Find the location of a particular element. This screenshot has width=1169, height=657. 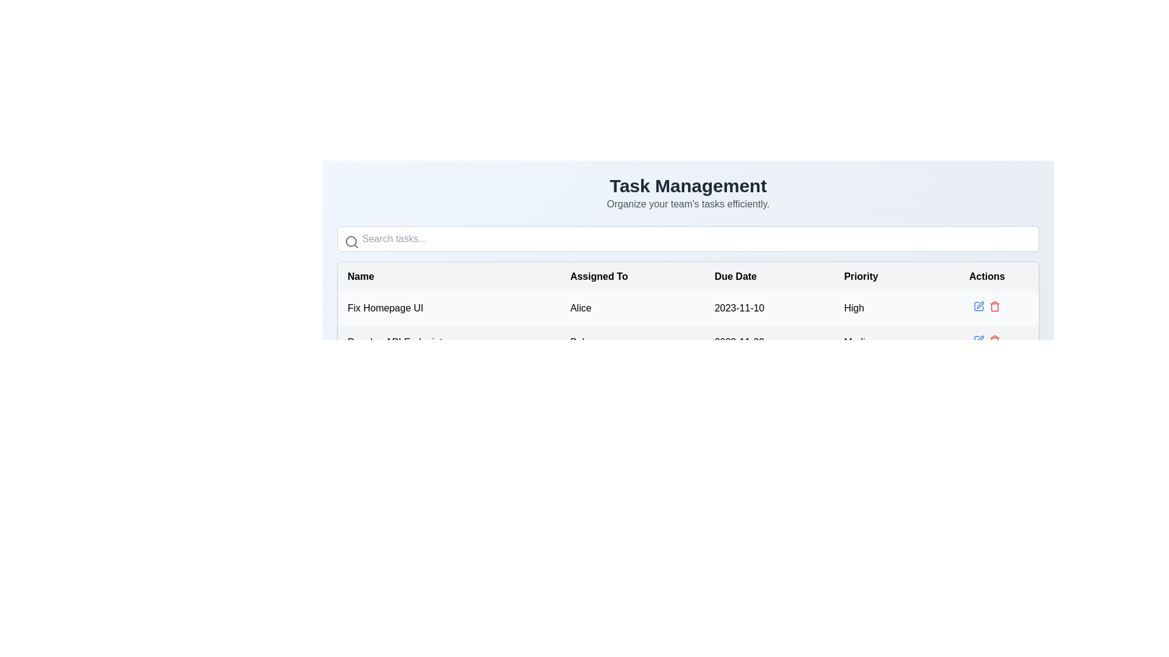

the icon resembling a square frame with a pen intersecting one corner, located in the Actions column of the second row under the Task Management section is located at coordinates (979, 306).